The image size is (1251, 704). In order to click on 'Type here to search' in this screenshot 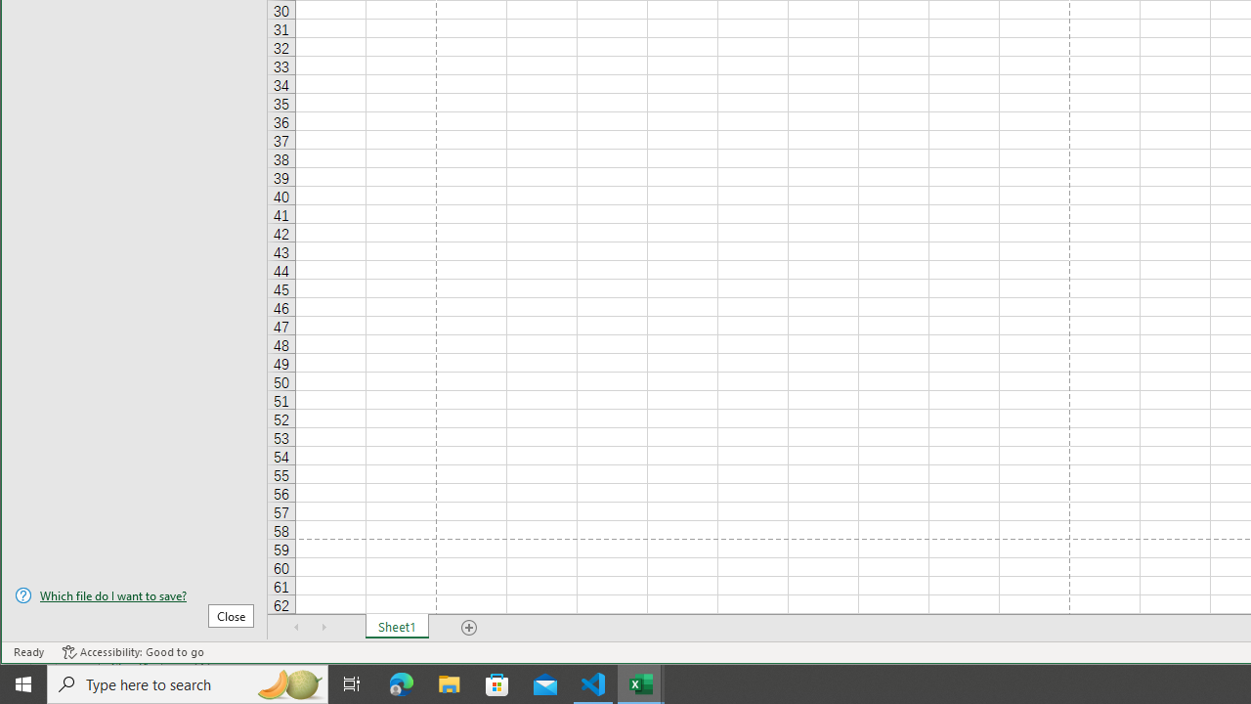, I will do `click(188, 682)`.